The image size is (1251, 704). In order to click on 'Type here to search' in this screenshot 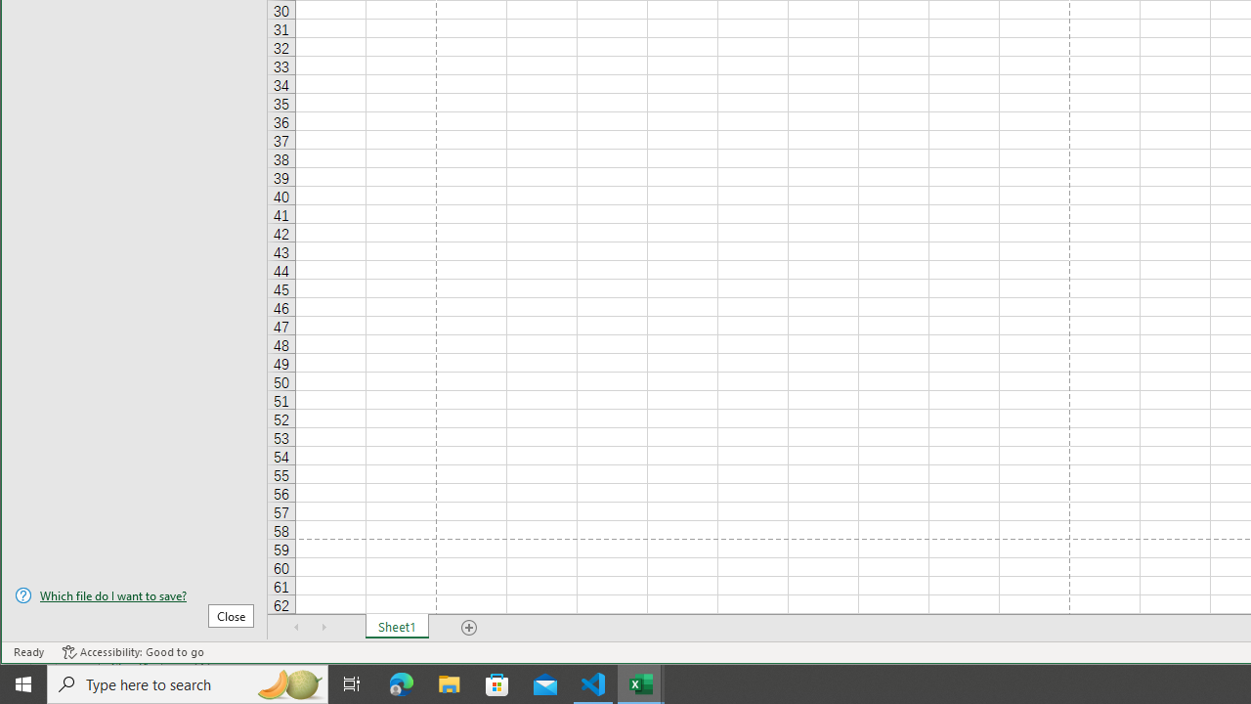, I will do `click(188, 682)`.